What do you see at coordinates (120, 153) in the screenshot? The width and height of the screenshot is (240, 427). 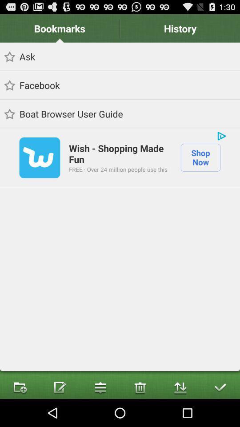 I see `the wish shopping made` at bounding box center [120, 153].